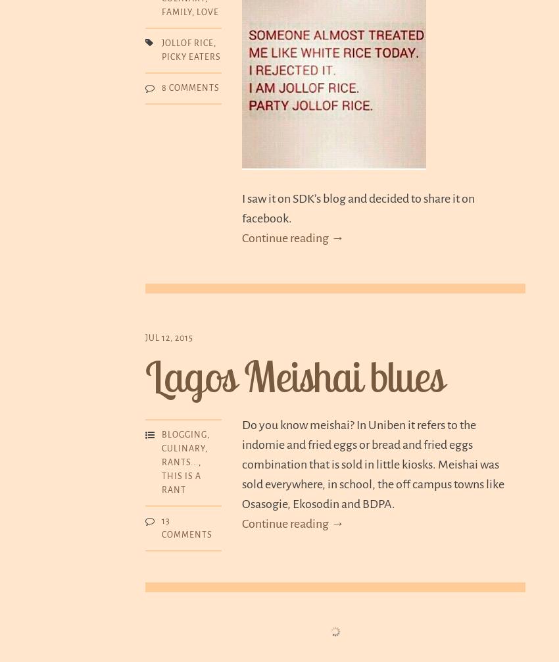 This screenshot has width=559, height=662. What do you see at coordinates (358, 207) in the screenshot?
I see `'I saw it on SDK’s blog and decided to share it on facebook.'` at bounding box center [358, 207].